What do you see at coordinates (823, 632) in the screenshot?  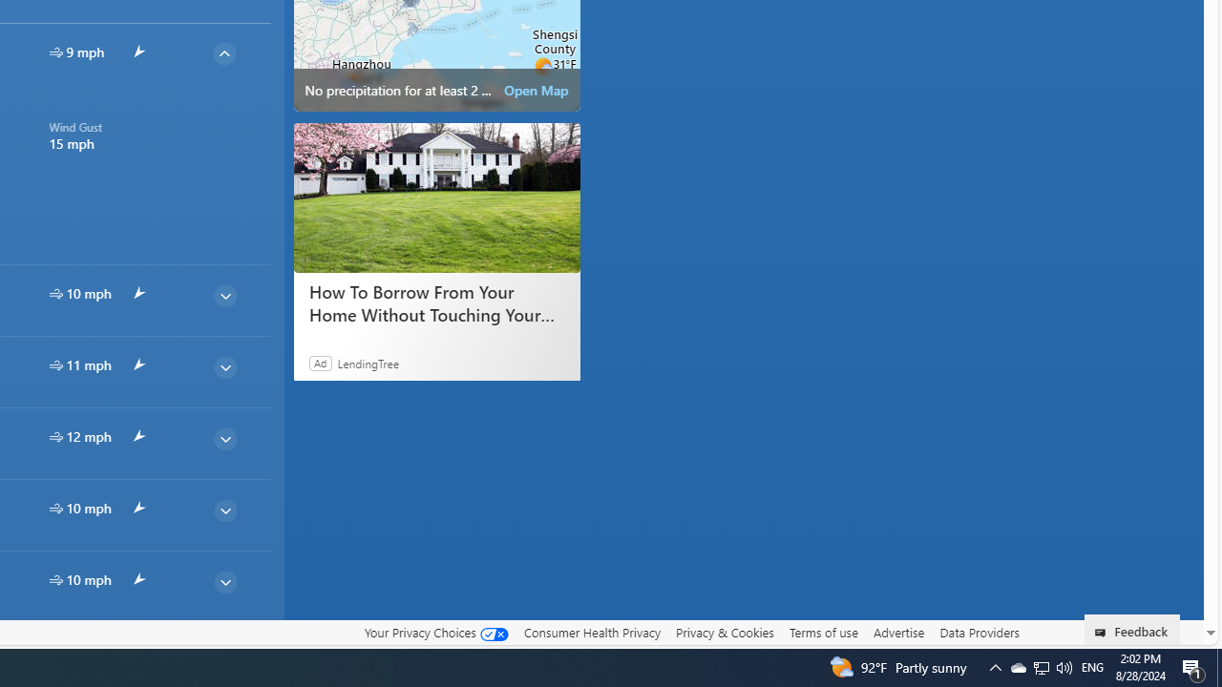 I see `'Terms of use'` at bounding box center [823, 632].